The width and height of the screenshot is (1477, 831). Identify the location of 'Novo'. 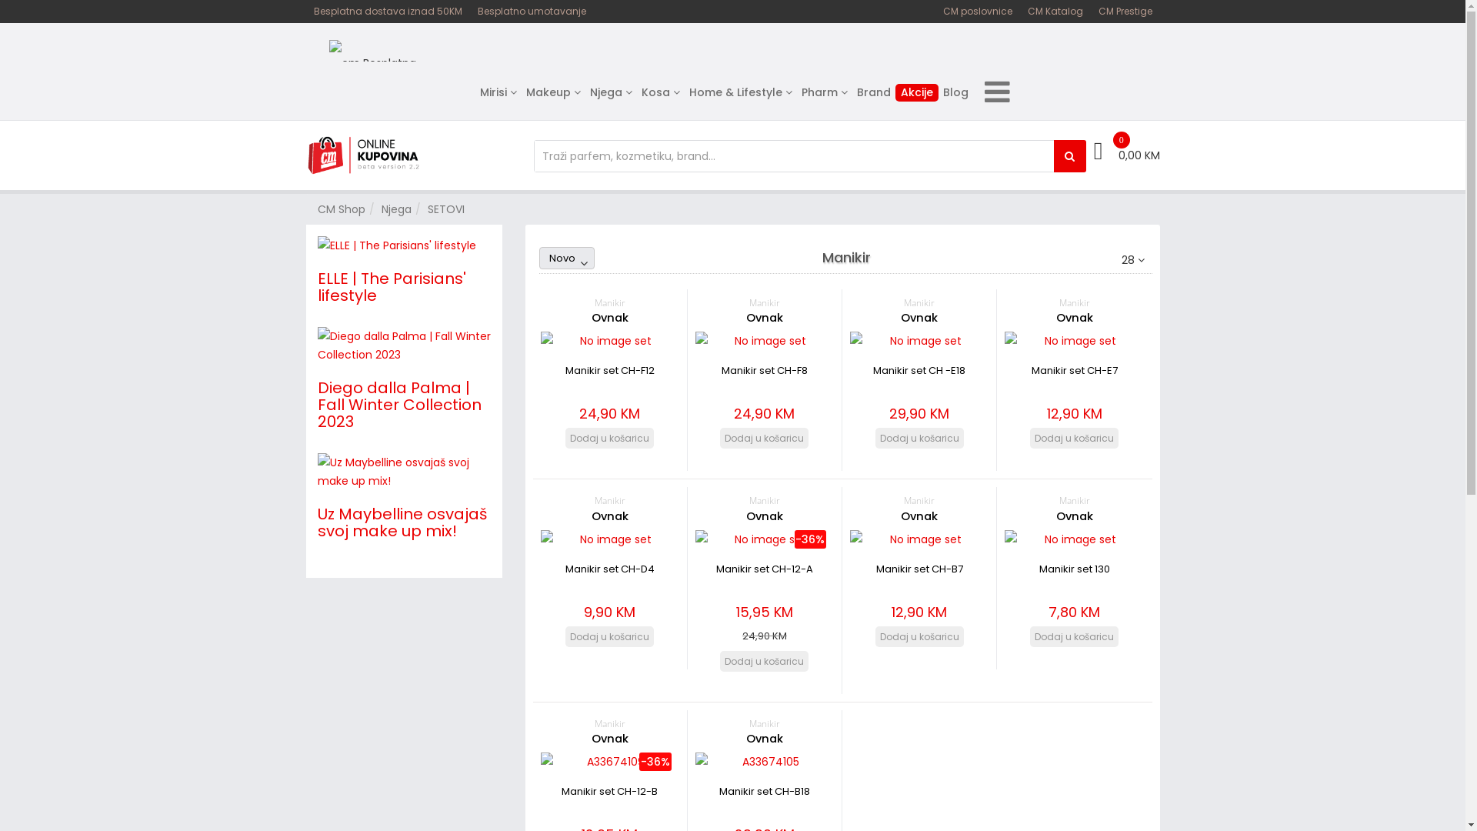
(561, 257).